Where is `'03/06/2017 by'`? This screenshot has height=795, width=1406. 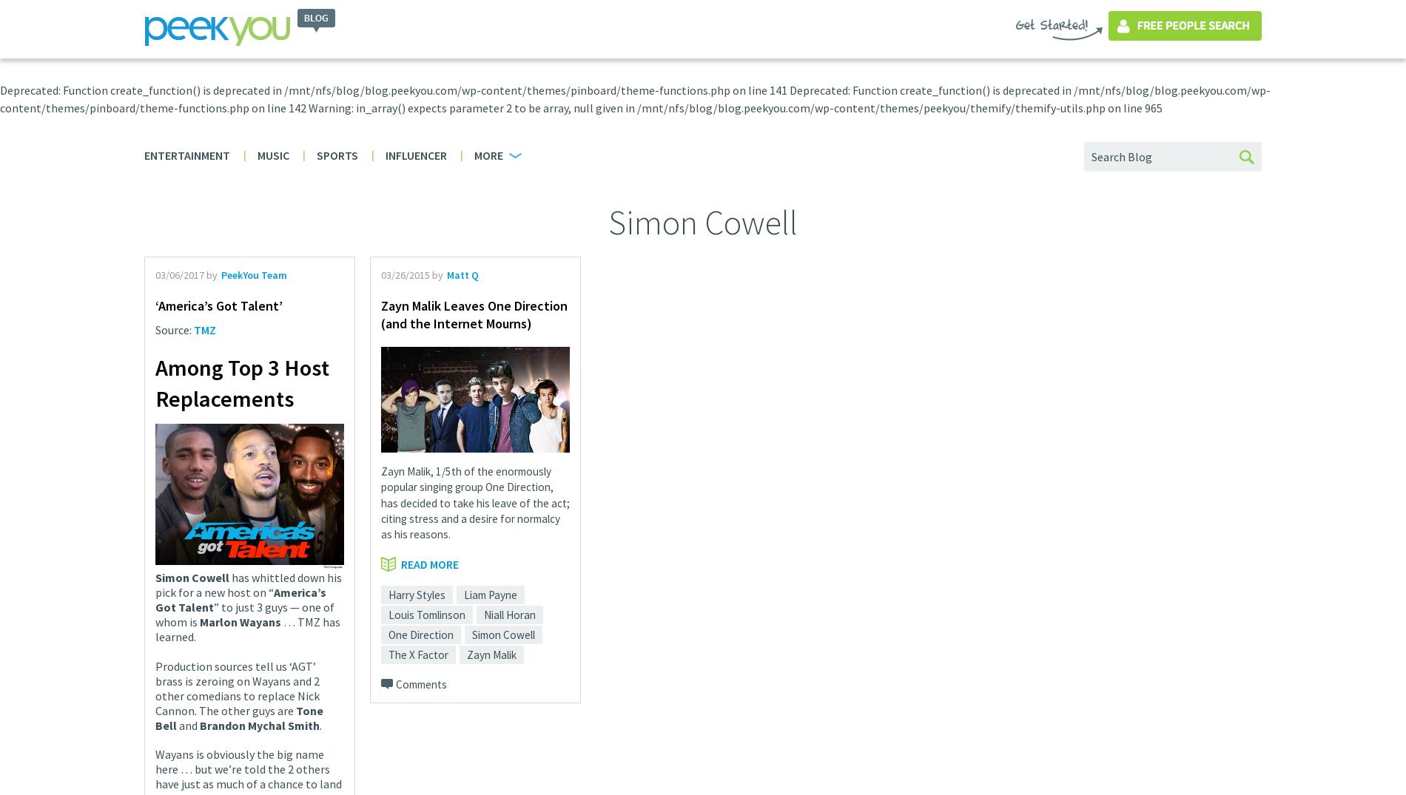 '03/06/2017 by' is located at coordinates (185, 274).